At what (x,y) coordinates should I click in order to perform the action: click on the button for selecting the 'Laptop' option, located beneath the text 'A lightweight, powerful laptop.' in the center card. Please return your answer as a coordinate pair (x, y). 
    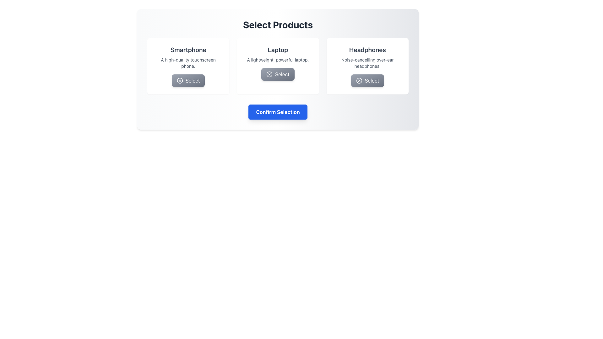
    Looking at the image, I should click on (277, 74).